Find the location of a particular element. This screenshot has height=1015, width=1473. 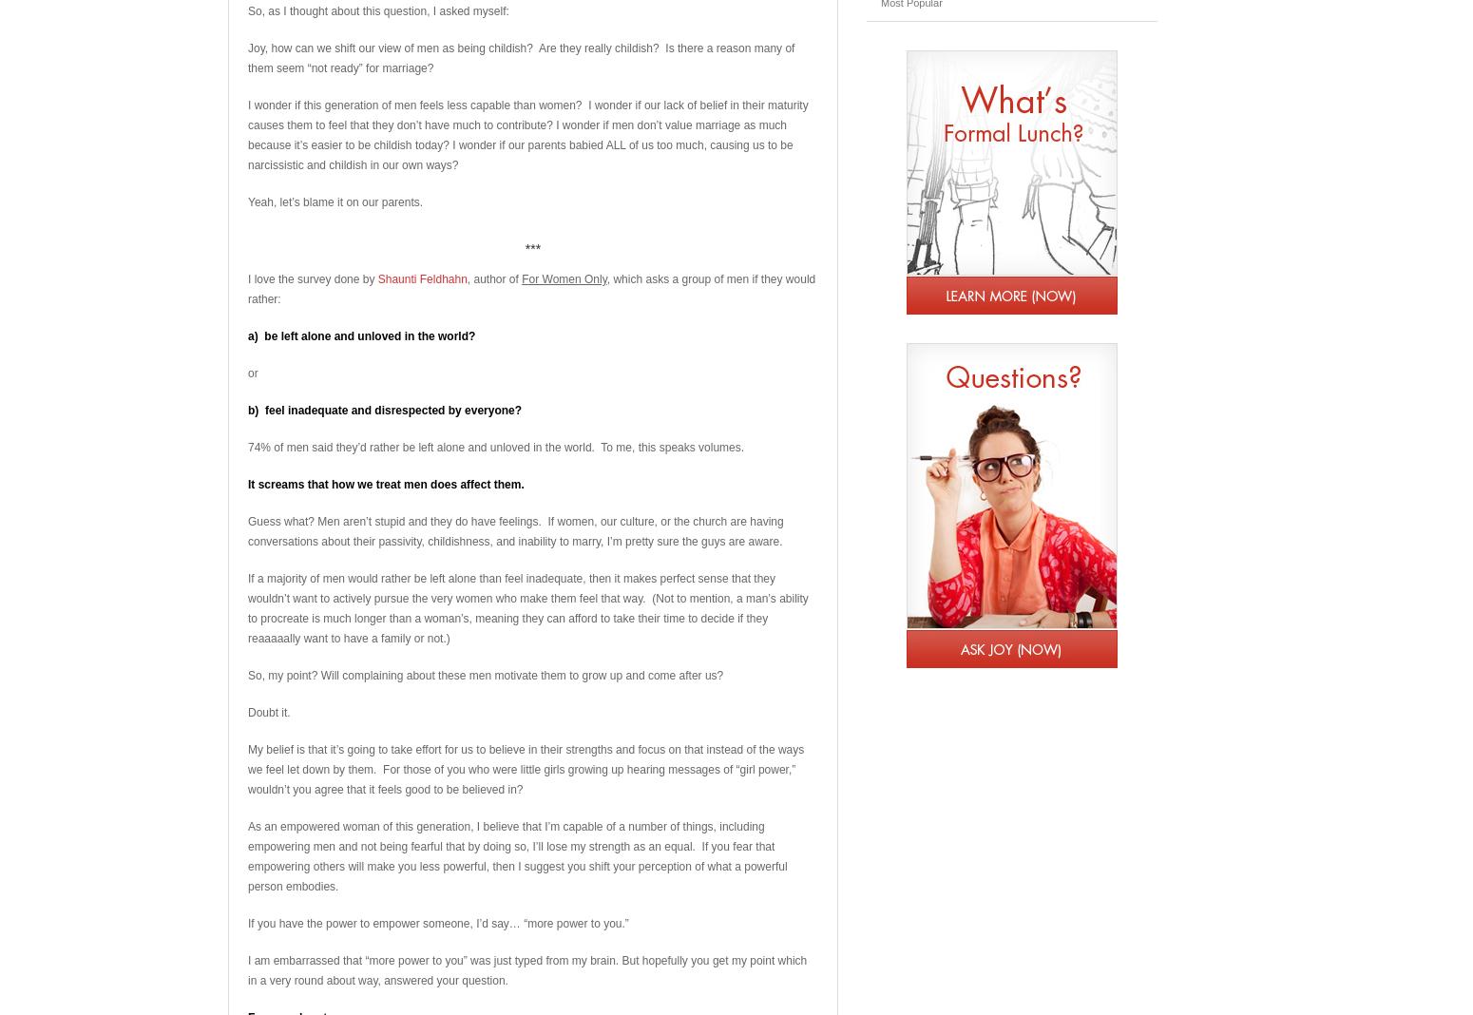

'a)  be left alone and unloved in the world?' is located at coordinates (360, 335).